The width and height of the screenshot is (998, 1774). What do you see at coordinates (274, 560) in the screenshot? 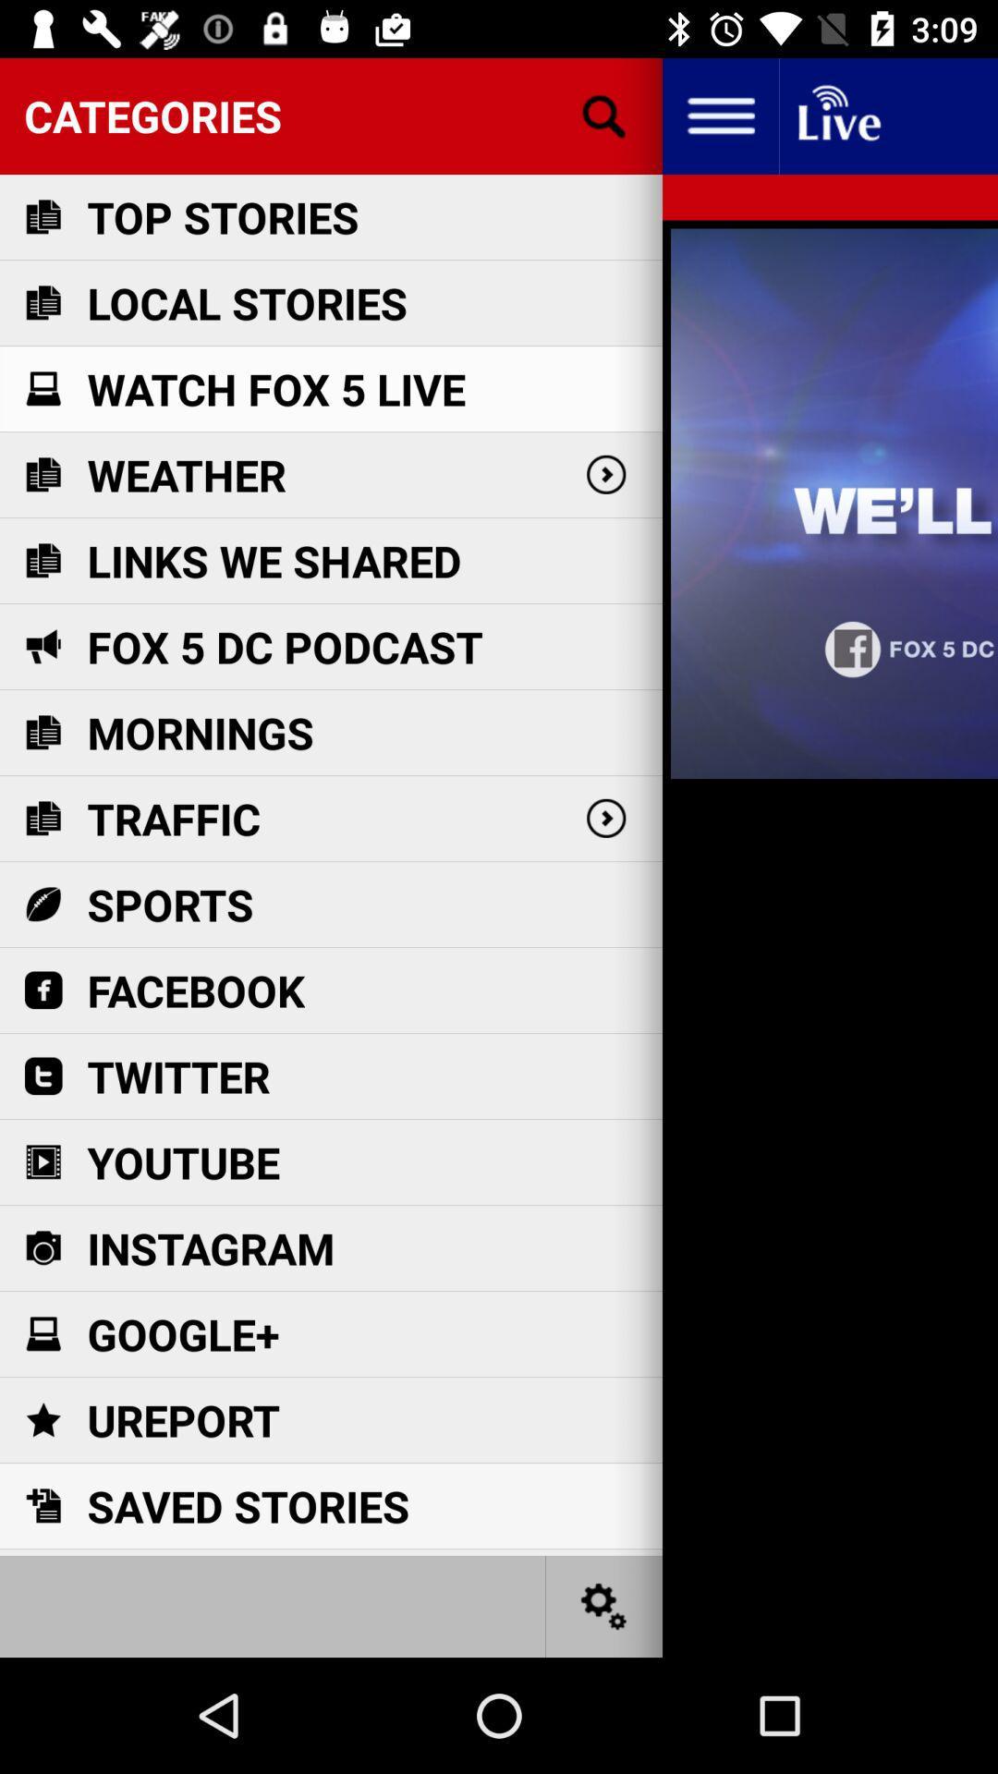
I see `the icon below weather item` at bounding box center [274, 560].